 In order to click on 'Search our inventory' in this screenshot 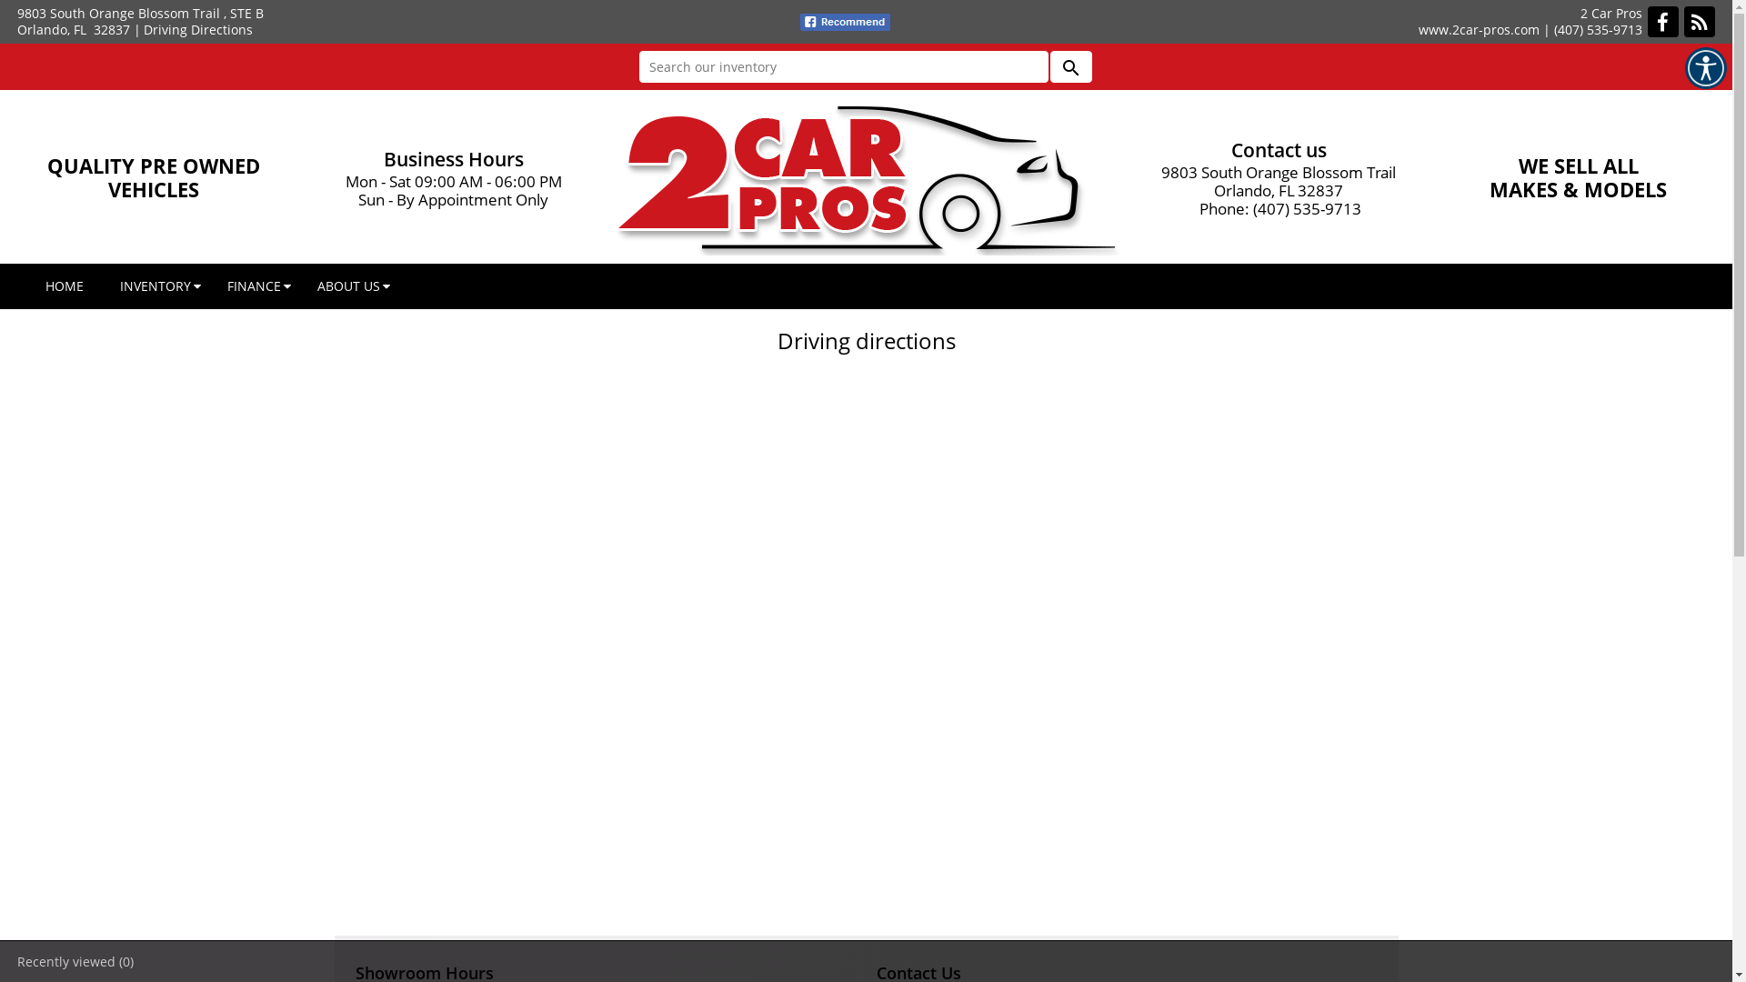, I will do `click(841, 65)`.